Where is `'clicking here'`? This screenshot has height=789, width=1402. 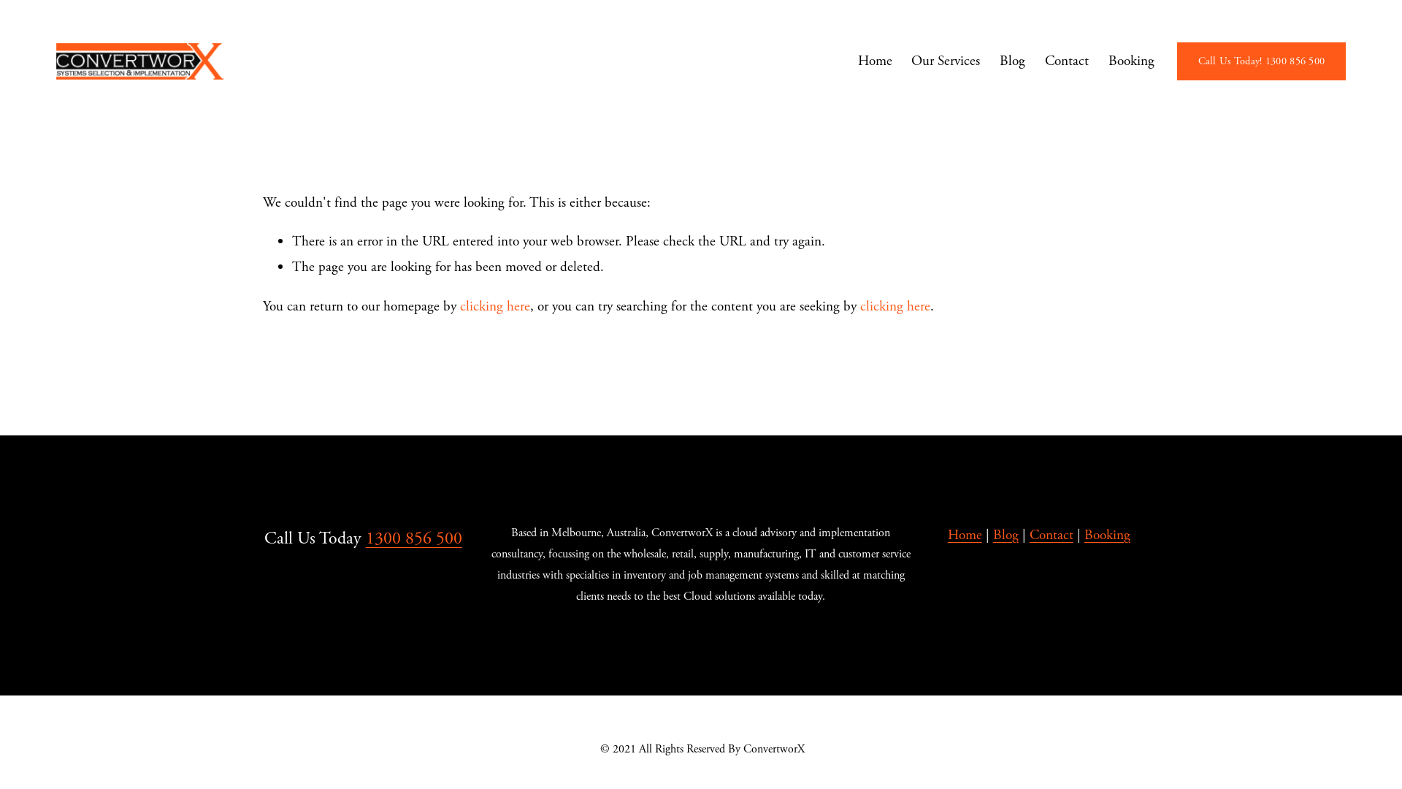 'clicking here' is located at coordinates (859, 305).